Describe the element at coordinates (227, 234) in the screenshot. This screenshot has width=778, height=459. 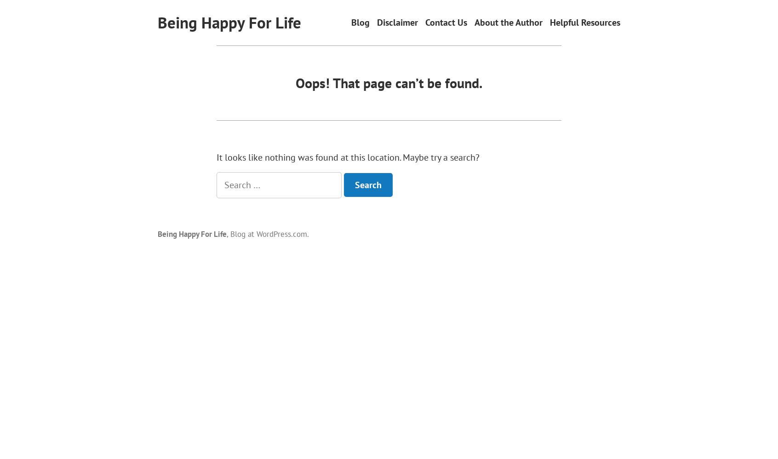
I see `','` at that location.